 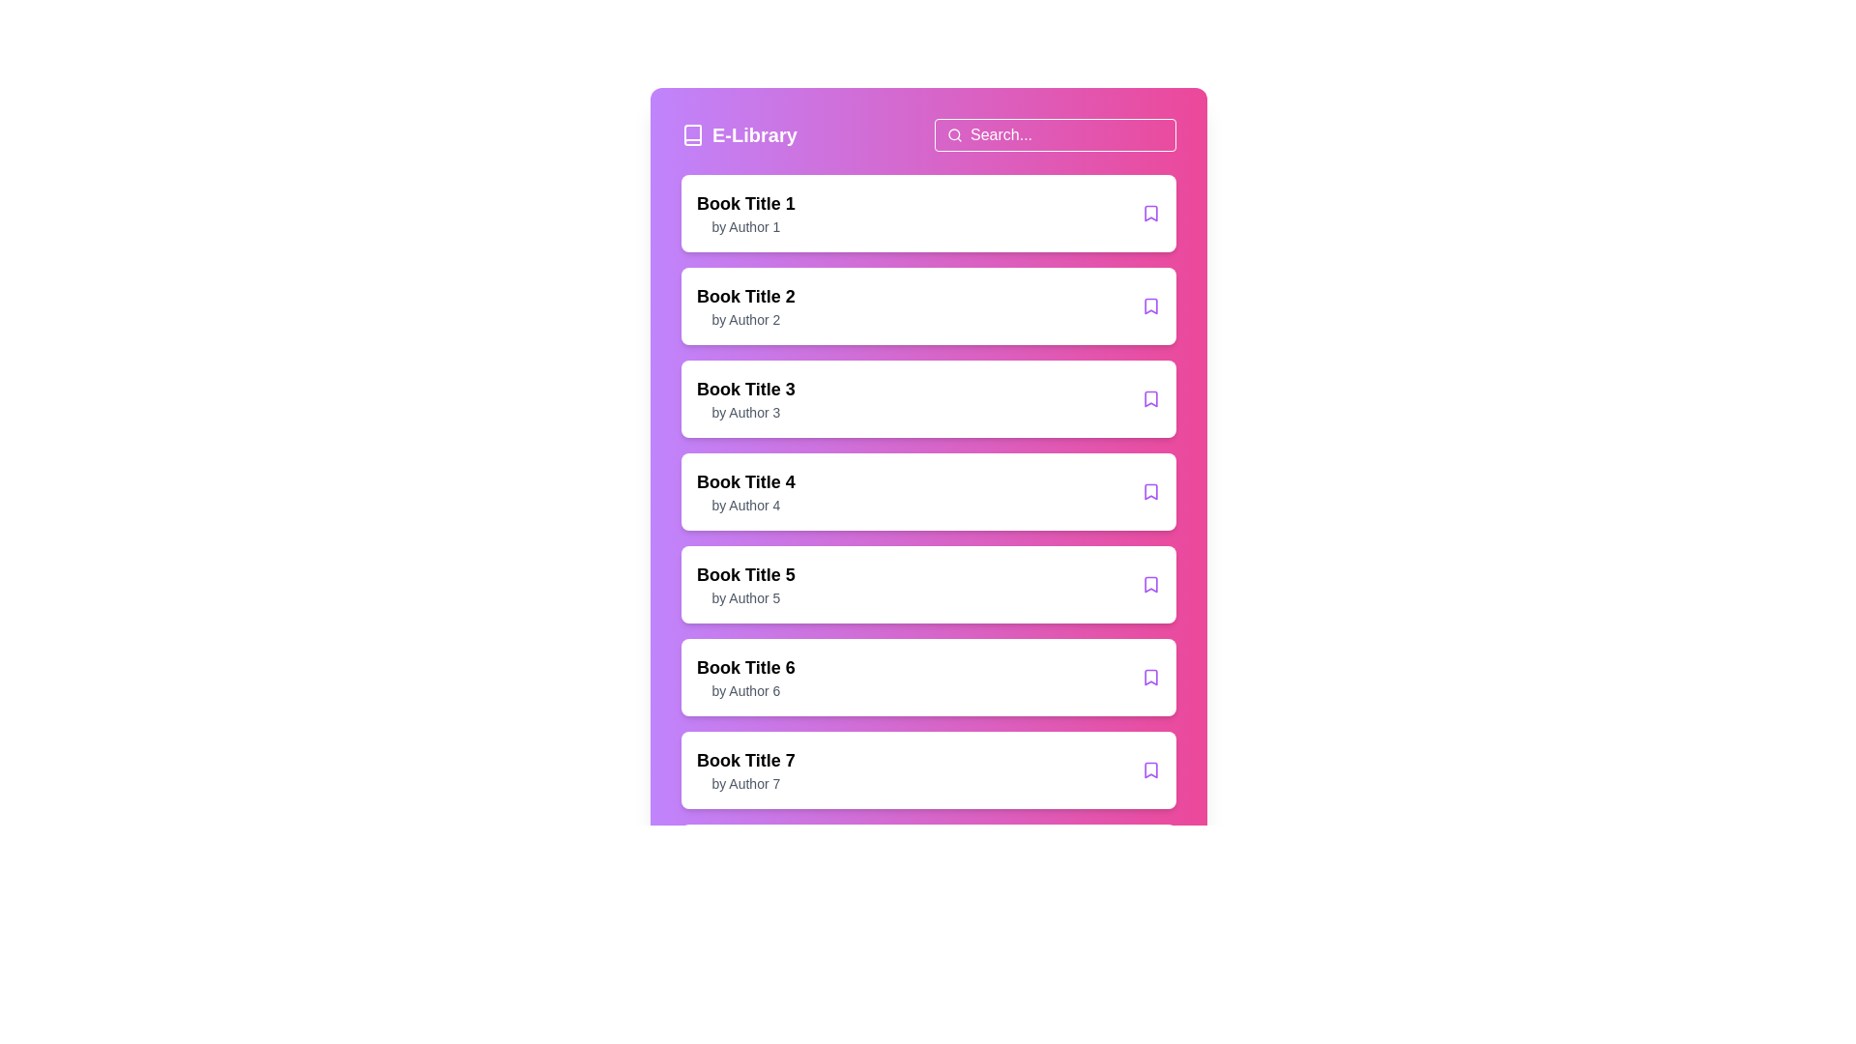 What do you see at coordinates (1150, 584) in the screenshot?
I see `the SVG component styled as a bookmark, located in the right section of the interface next to 'Book Title 5 by Author 5'` at bounding box center [1150, 584].